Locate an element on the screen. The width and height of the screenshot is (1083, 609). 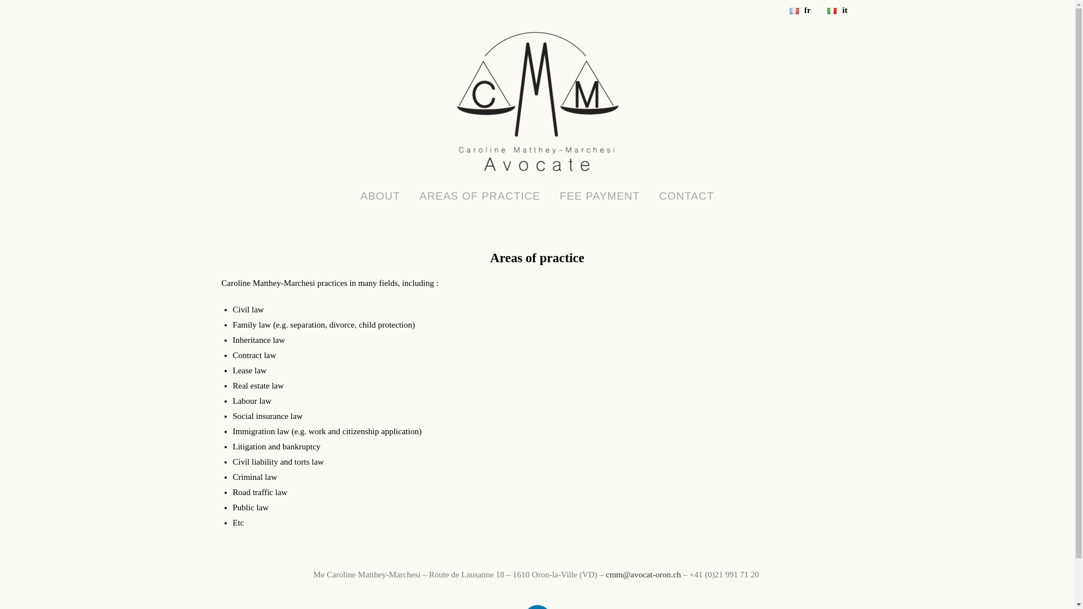
'FEE PAYMENT' is located at coordinates (598, 195).